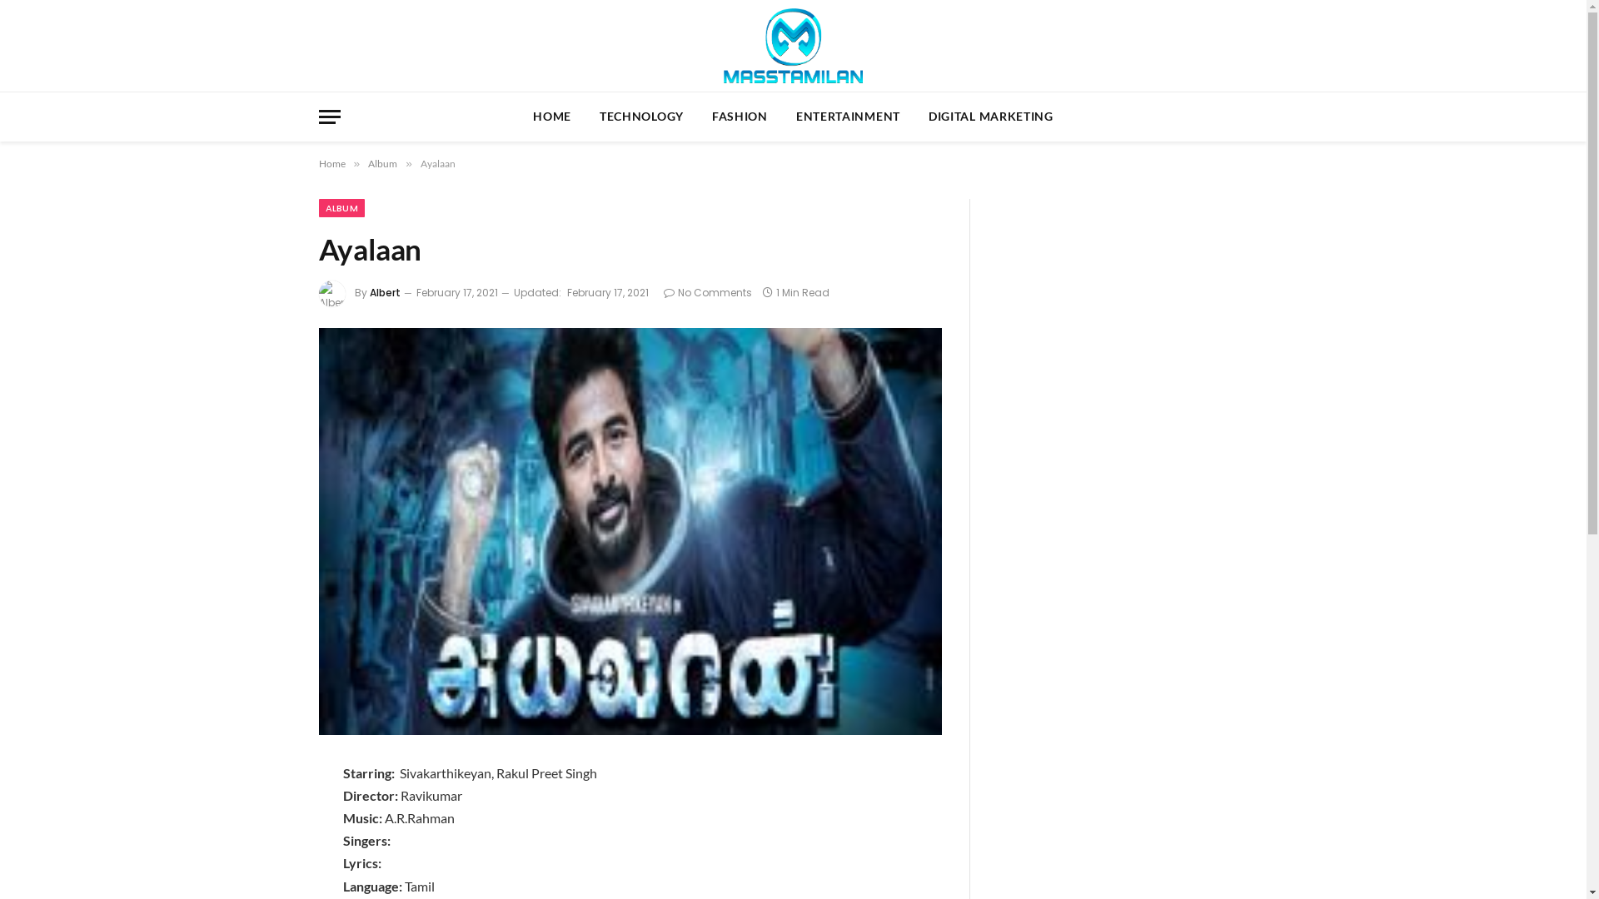 The height and width of the screenshot is (899, 1599). What do you see at coordinates (640, 115) in the screenshot?
I see `'TECHNOLOGY'` at bounding box center [640, 115].